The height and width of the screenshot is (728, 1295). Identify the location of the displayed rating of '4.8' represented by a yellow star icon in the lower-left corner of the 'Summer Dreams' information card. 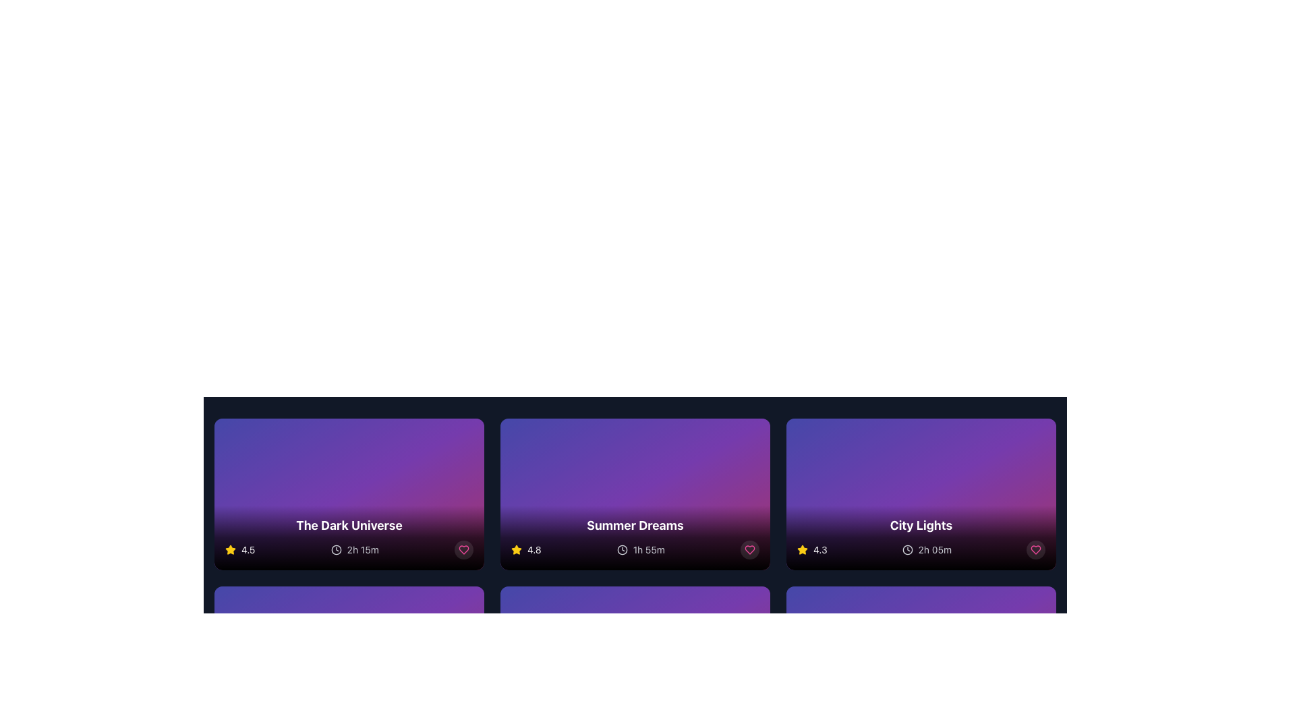
(525, 550).